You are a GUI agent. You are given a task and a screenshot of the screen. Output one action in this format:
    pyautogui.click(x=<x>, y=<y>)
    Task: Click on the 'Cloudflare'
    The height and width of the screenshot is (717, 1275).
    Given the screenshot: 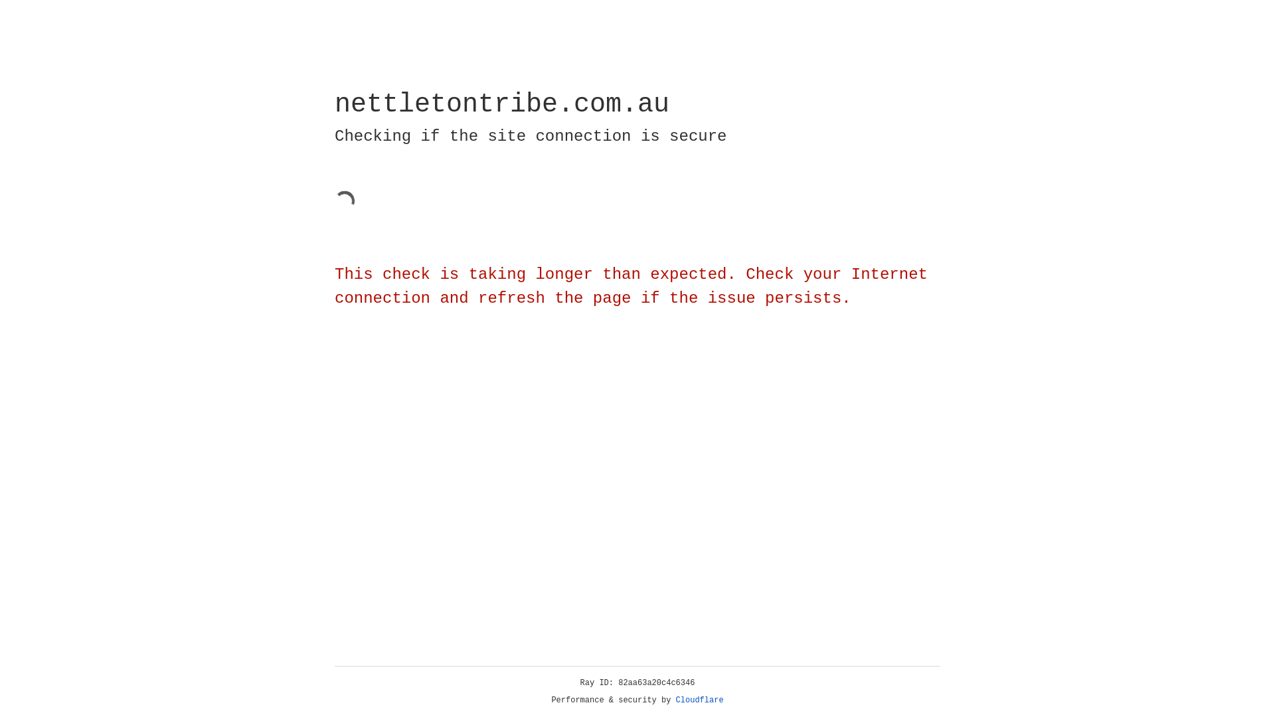 What is the action you would take?
    pyautogui.click(x=699, y=700)
    